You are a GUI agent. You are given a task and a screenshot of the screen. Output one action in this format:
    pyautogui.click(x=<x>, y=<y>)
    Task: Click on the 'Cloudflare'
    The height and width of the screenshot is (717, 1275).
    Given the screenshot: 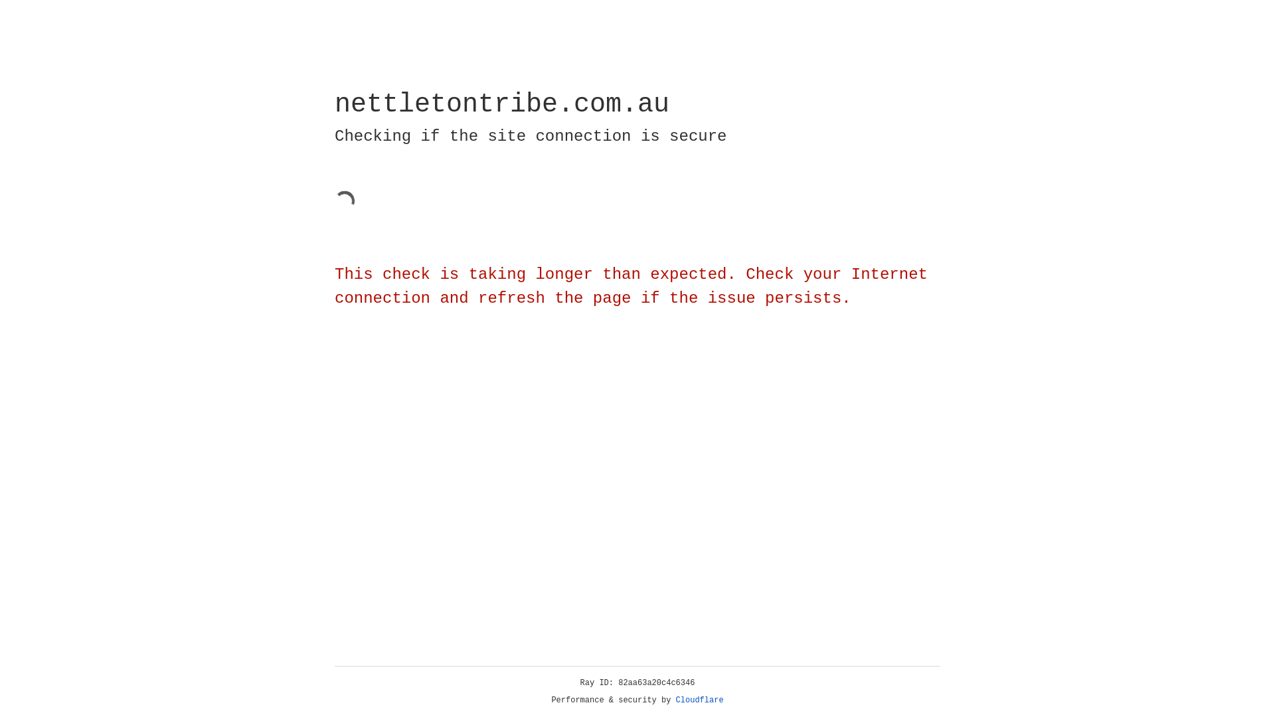 What is the action you would take?
    pyautogui.click(x=699, y=700)
    